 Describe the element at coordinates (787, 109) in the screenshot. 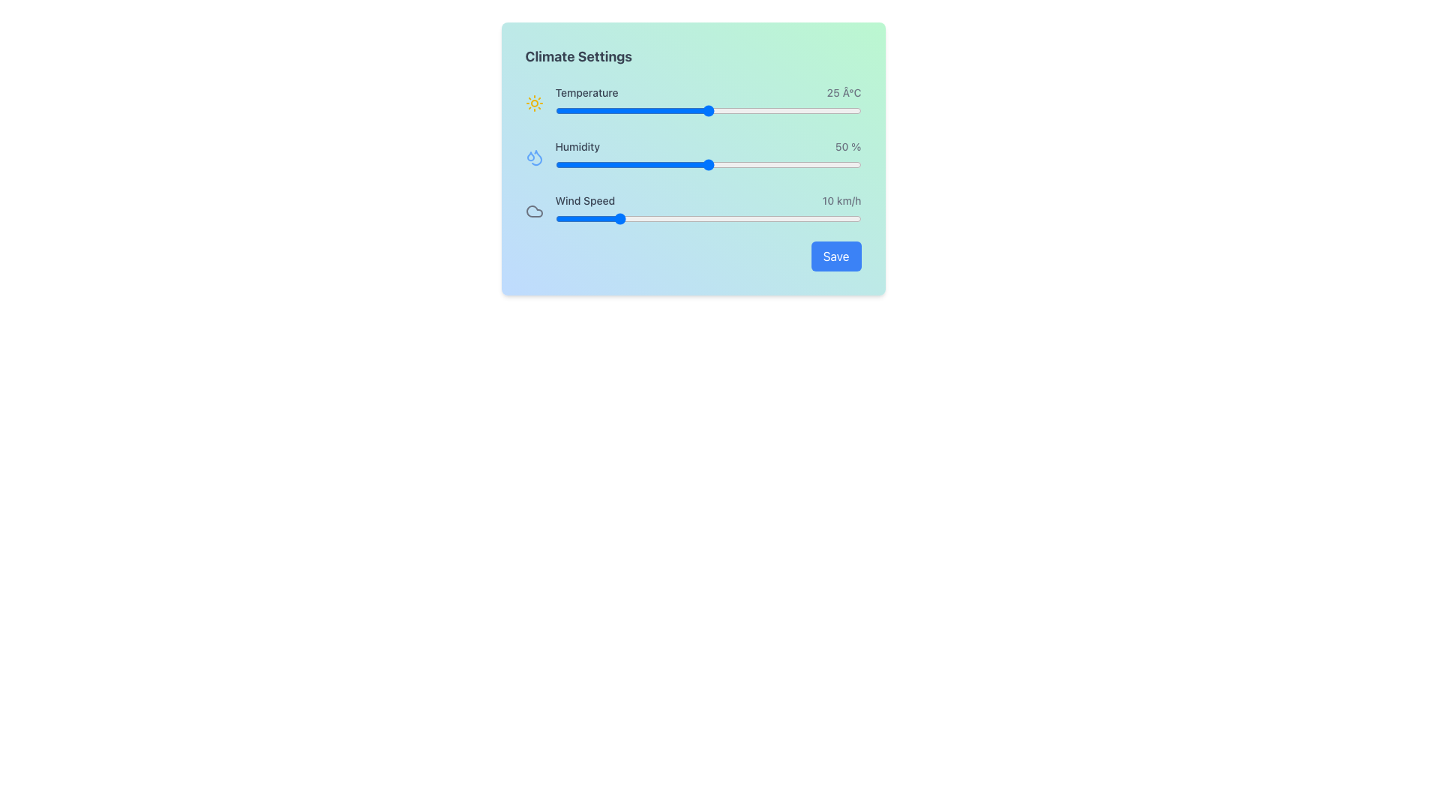

I see `the slider` at that location.